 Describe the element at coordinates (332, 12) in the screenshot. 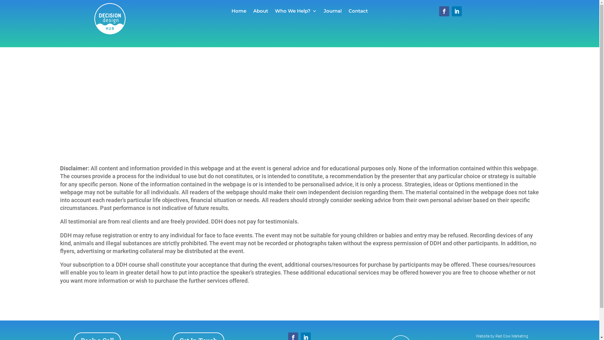

I see `'Journal'` at that location.